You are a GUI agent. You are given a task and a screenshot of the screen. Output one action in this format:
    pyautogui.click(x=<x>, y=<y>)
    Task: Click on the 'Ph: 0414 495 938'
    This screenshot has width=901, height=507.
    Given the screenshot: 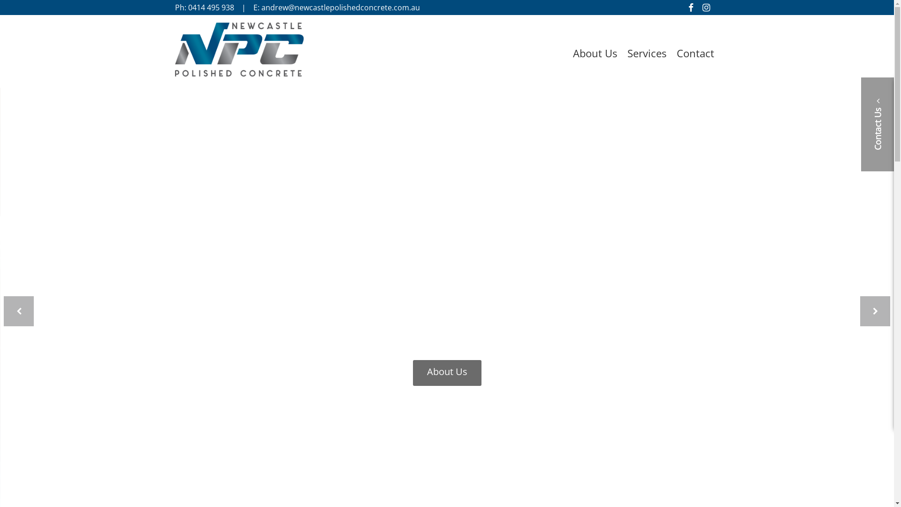 What is the action you would take?
    pyautogui.click(x=204, y=7)
    